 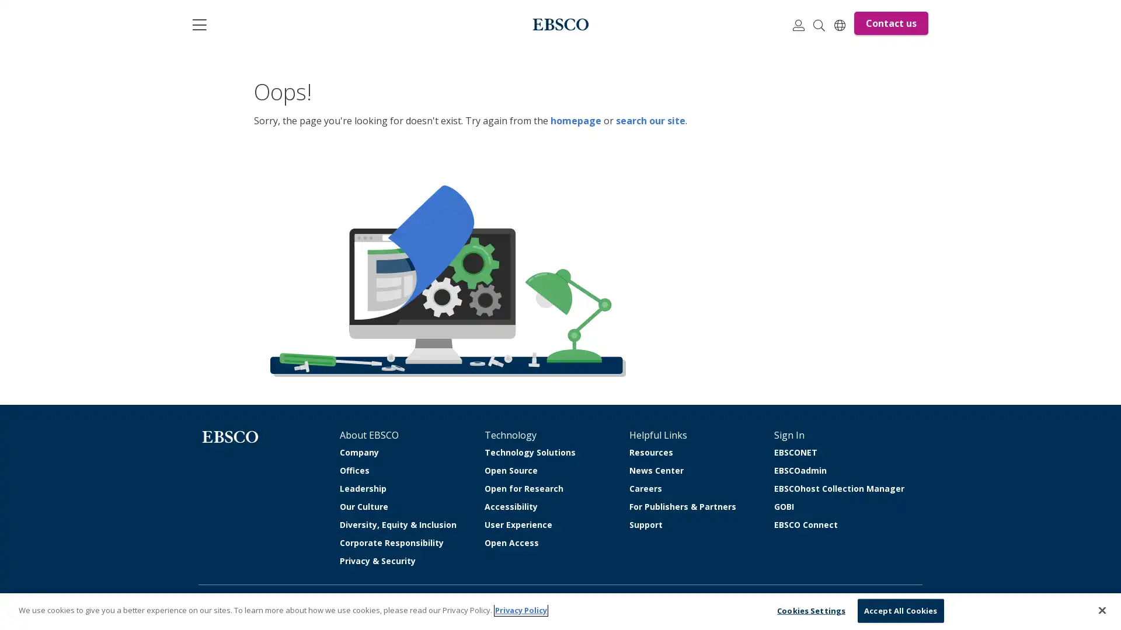 I want to click on Cookies Settings, so click(x=810, y=610).